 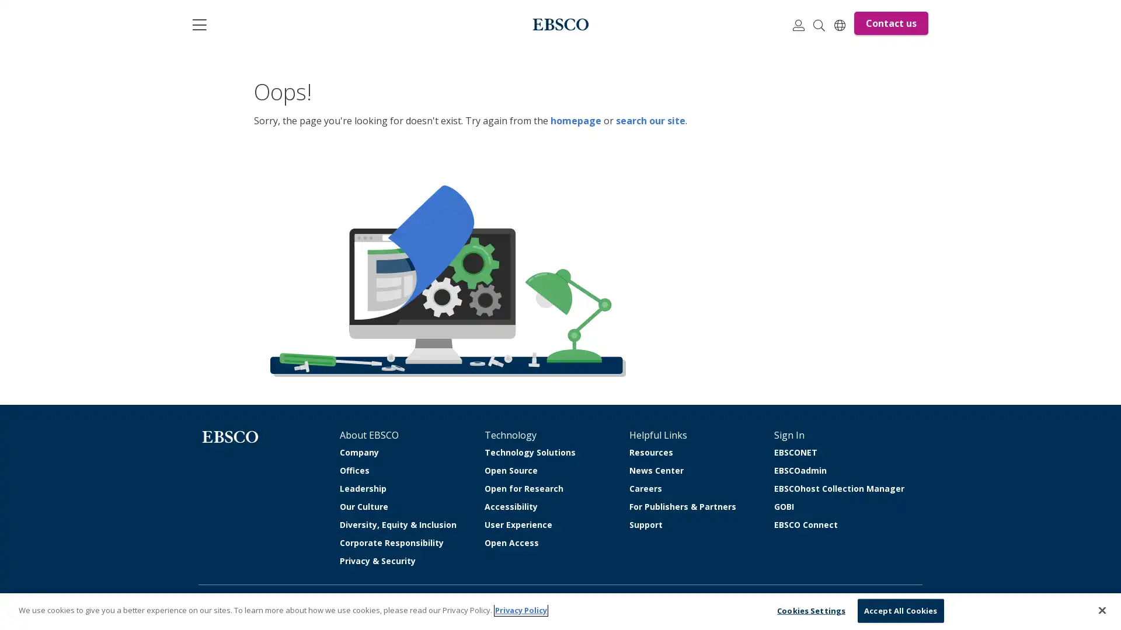 I want to click on Cookies Settings, so click(x=810, y=610).